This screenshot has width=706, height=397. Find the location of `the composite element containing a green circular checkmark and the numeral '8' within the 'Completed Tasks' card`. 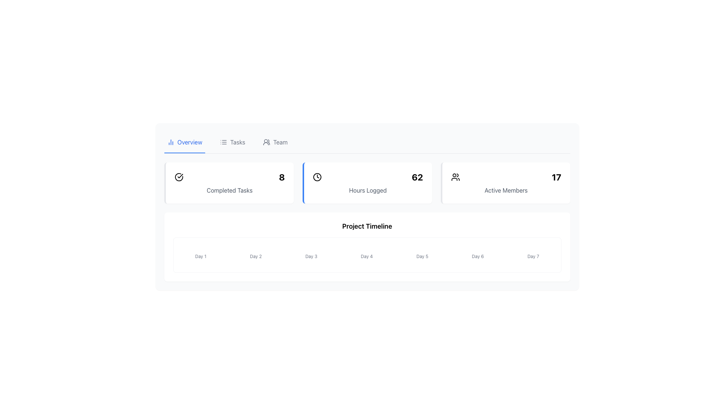

the composite element containing a green circular checkmark and the numeral '8' within the 'Completed Tasks' card is located at coordinates (229, 177).